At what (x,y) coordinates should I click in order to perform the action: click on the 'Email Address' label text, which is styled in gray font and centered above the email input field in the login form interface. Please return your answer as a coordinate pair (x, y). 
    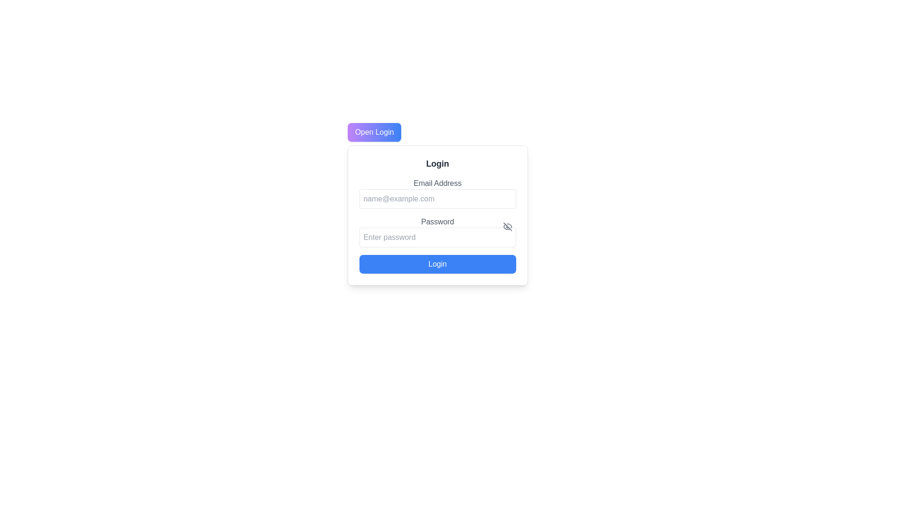
    Looking at the image, I should click on (437, 183).